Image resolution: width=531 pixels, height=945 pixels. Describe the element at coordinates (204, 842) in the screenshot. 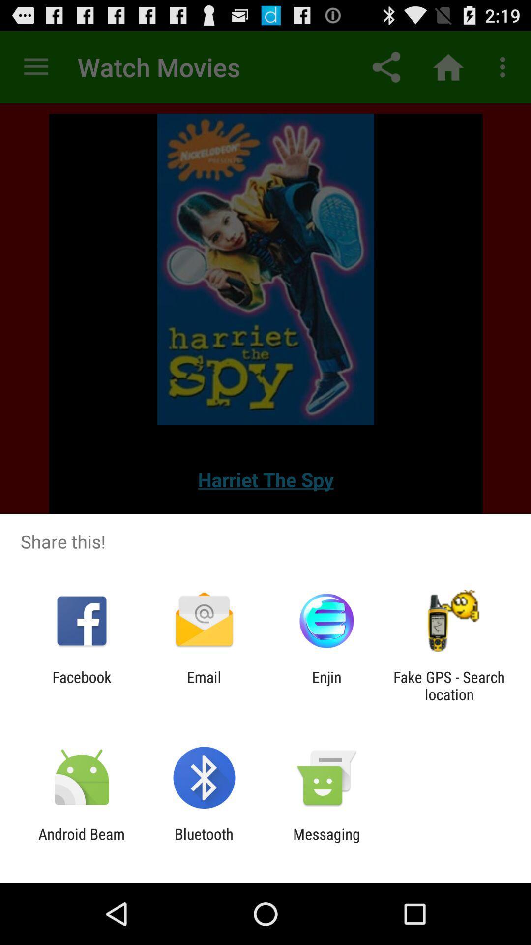

I see `item to the right of the android beam icon` at that location.